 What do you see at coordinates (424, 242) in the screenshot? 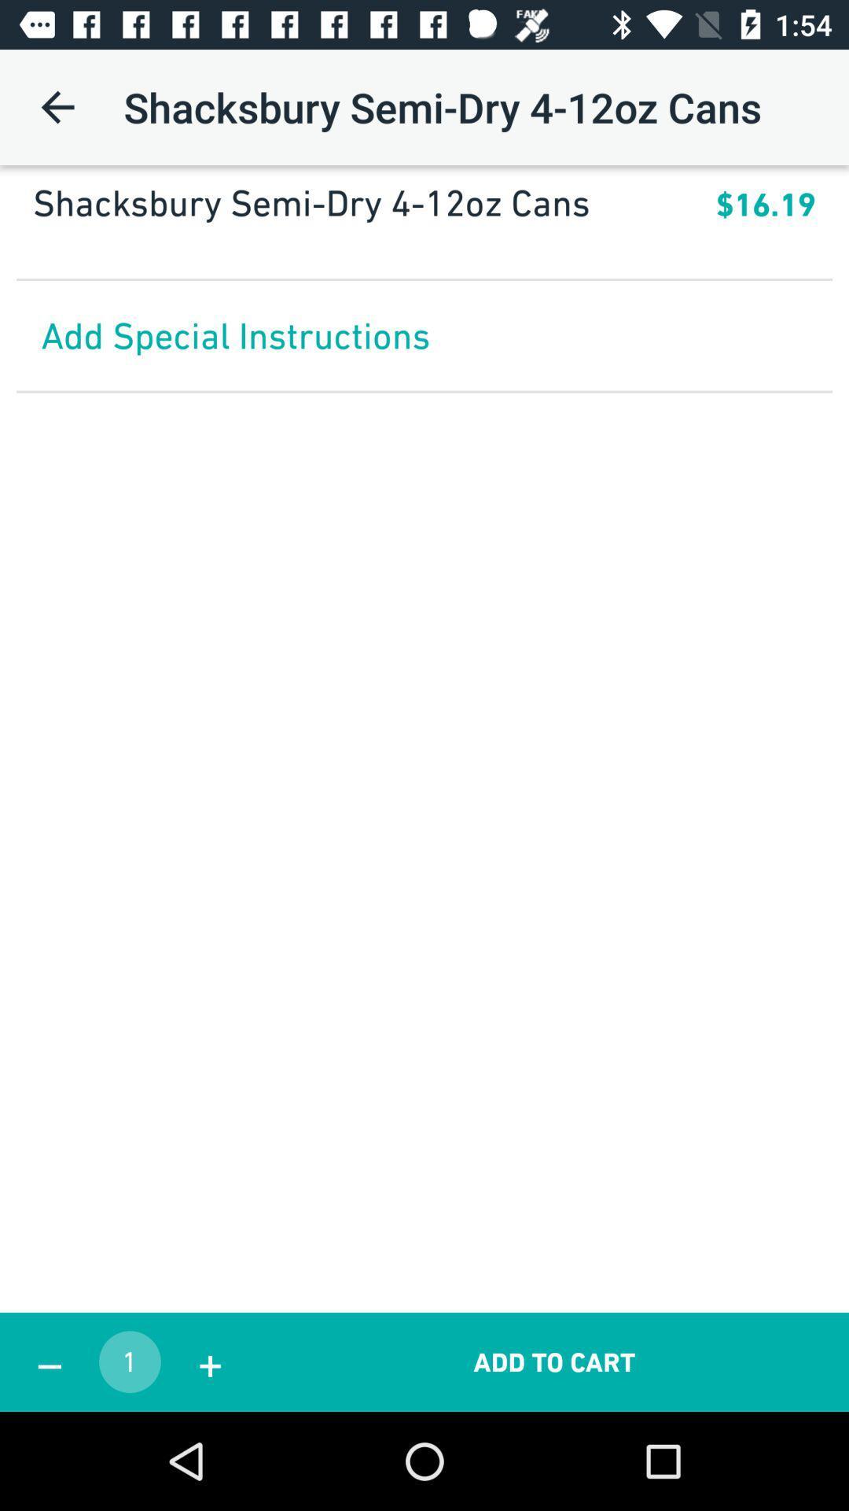
I see `icon below the shacksbury semi dry item` at bounding box center [424, 242].